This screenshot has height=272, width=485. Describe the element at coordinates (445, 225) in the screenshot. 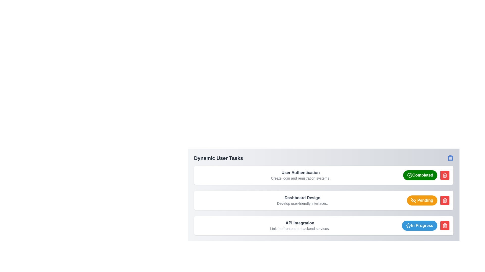

I see `the delete button located at the rightmost position in the 'API Integration' row, adjacent to the 'In Progress' status badge` at that location.